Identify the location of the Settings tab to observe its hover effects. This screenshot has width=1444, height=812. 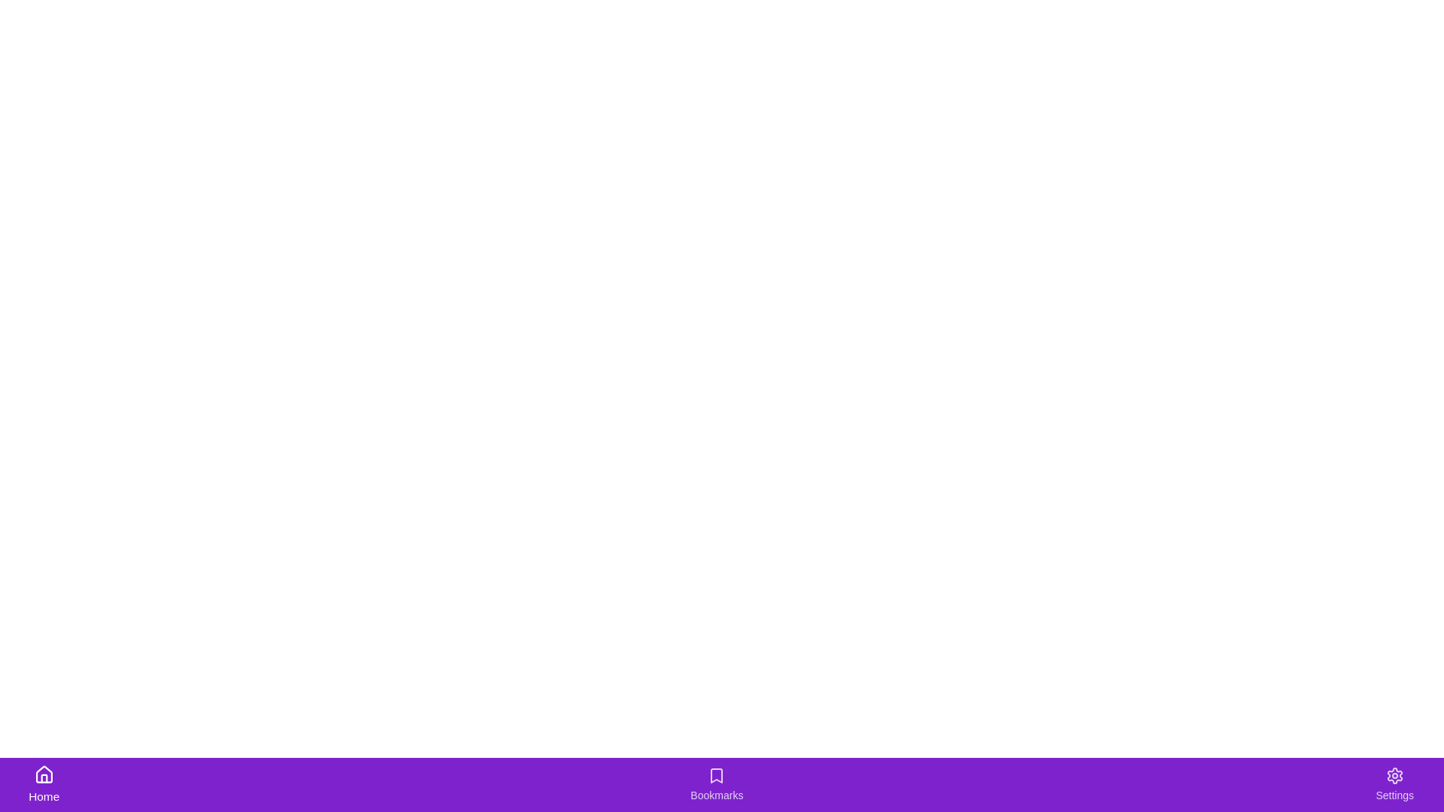
(1393, 784).